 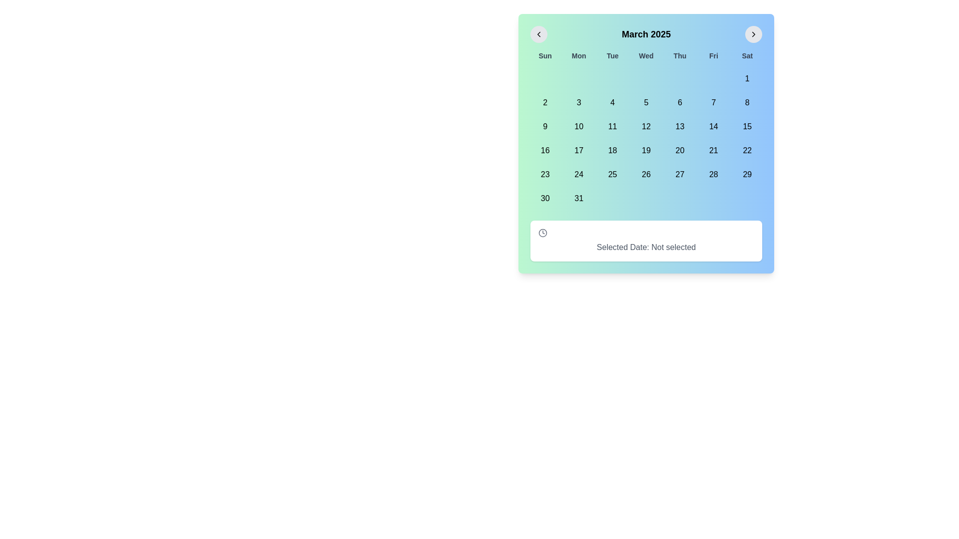 What do you see at coordinates (713, 102) in the screenshot?
I see `the button representing the date '7th' in the displayed month of March 2025` at bounding box center [713, 102].